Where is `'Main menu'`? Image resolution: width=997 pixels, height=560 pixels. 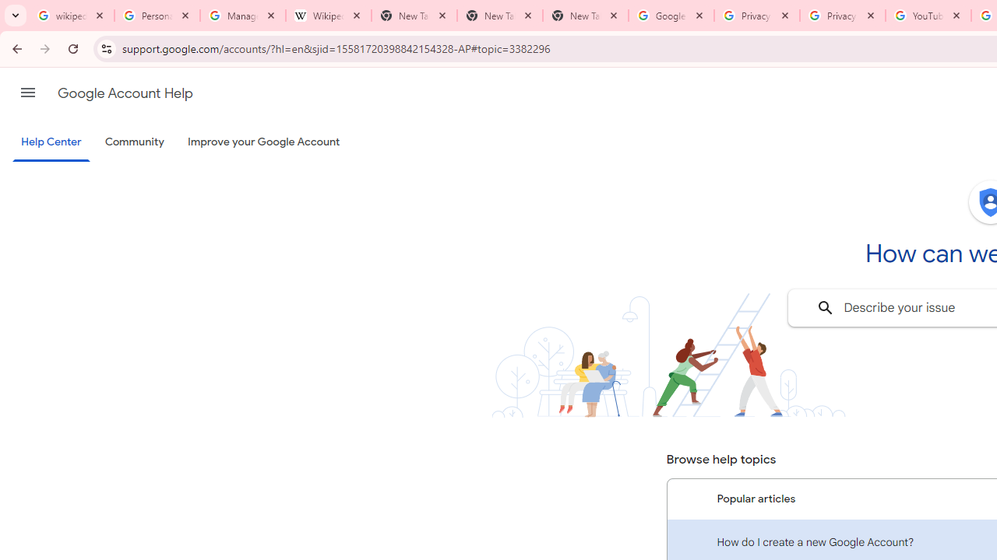
'Main menu' is located at coordinates (27, 93).